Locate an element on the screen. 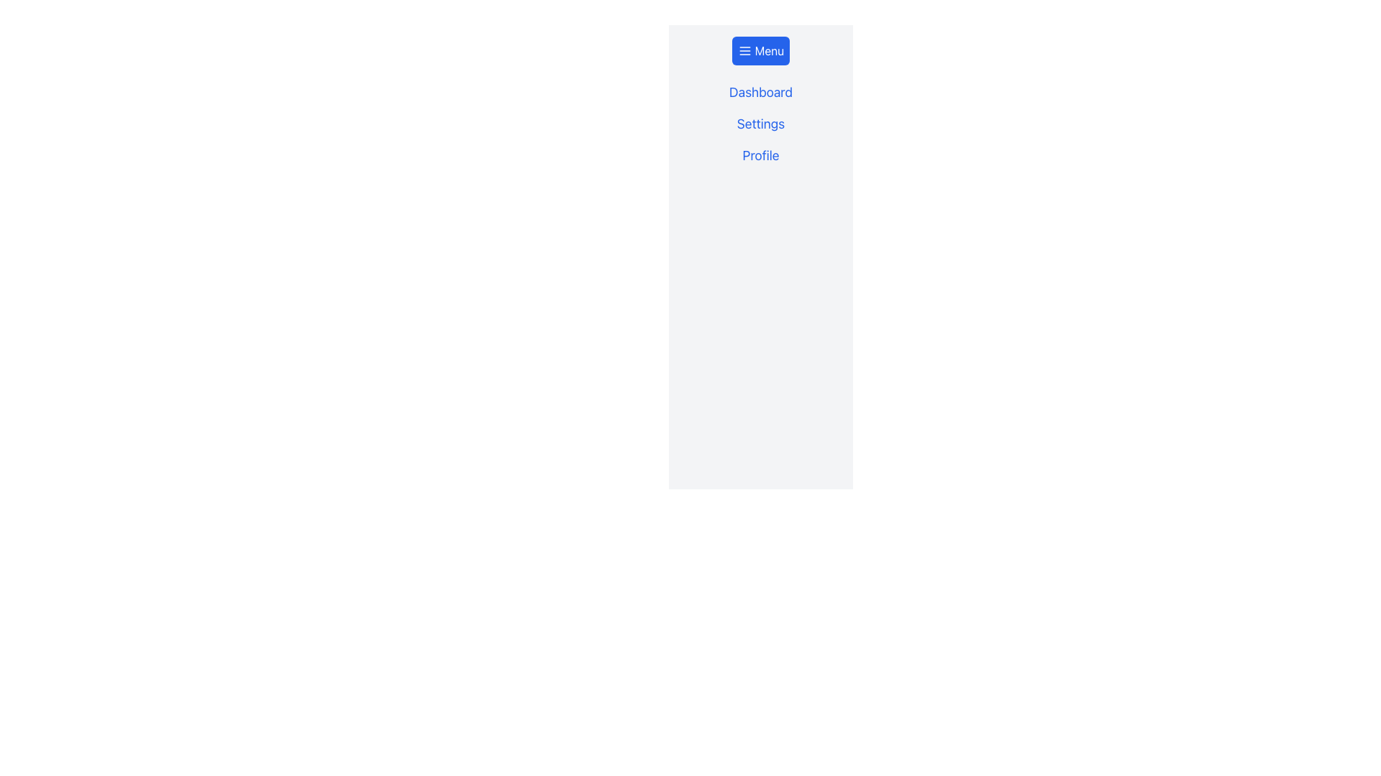 This screenshot has height=776, width=1381. the menu indicator icon located to the left of the blue 'Menu' button at the top of the vertical layout is located at coordinates (744, 50).